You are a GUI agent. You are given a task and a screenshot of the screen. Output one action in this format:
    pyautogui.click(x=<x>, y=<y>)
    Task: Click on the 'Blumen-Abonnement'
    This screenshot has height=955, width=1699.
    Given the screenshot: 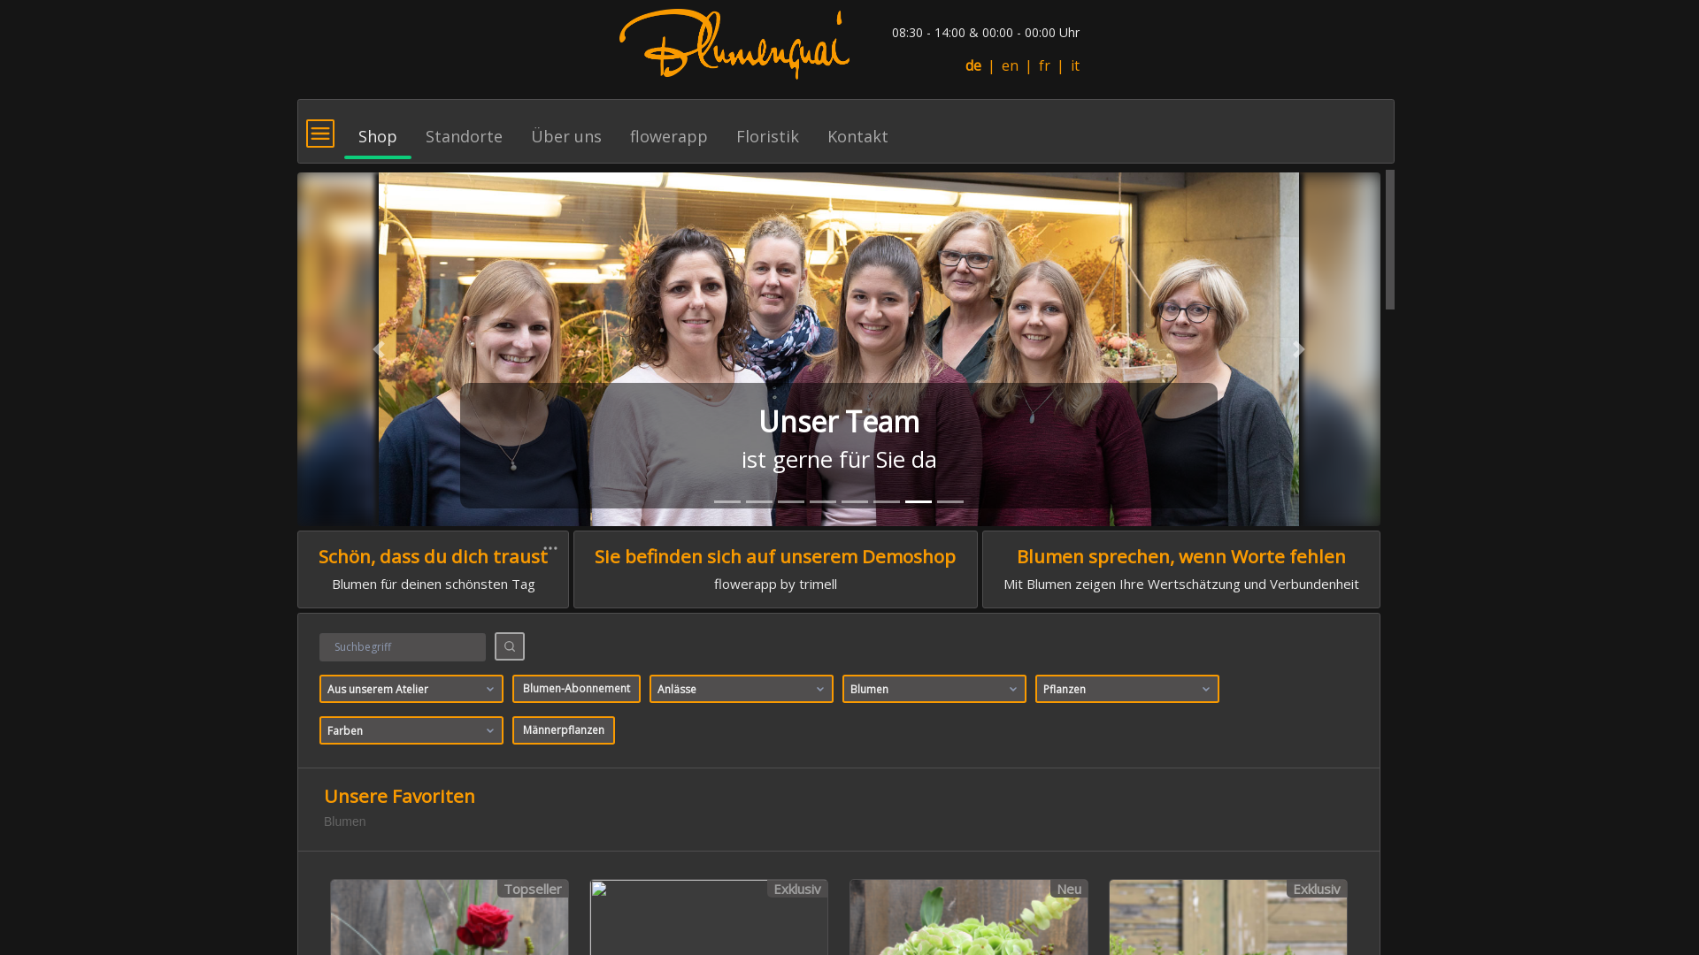 What is the action you would take?
    pyautogui.click(x=576, y=688)
    